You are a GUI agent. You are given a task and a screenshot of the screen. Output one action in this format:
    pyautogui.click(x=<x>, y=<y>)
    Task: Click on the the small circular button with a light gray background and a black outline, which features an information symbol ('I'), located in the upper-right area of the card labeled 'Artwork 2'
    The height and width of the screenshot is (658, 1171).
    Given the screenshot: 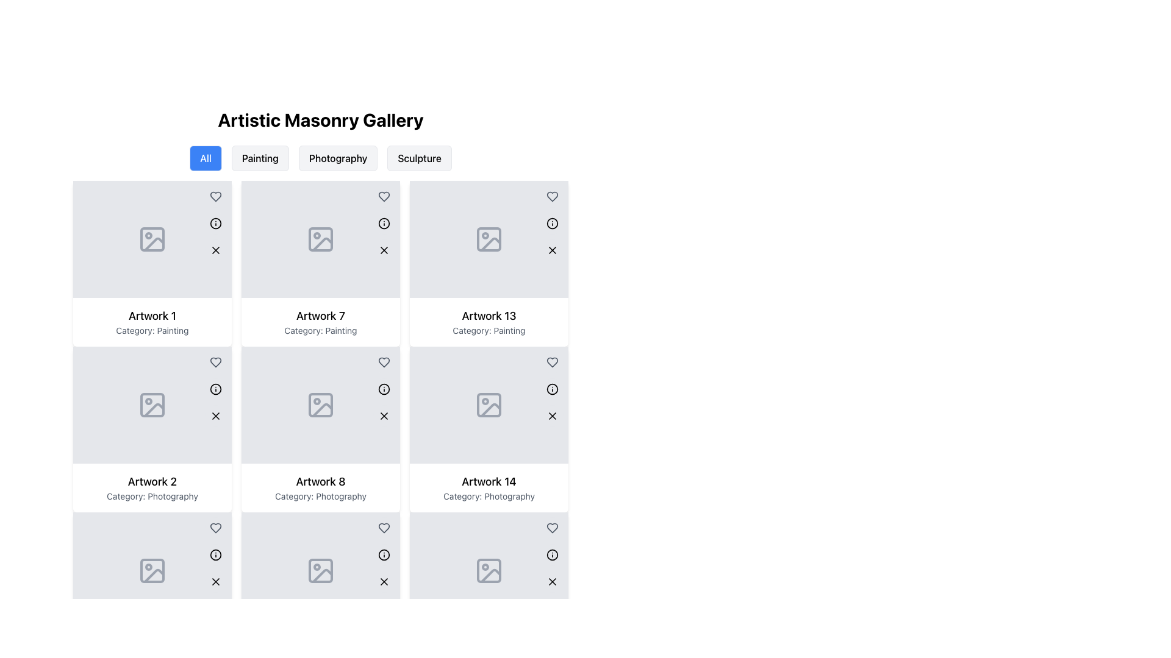 What is the action you would take?
    pyautogui.click(x=216, y=389)
    